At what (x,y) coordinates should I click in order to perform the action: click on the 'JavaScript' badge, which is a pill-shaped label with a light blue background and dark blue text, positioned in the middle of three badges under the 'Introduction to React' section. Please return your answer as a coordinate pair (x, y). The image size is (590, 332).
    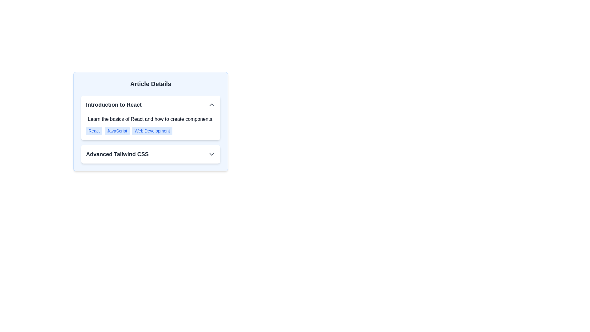
    Looking at the image, I should click on (117, 130).